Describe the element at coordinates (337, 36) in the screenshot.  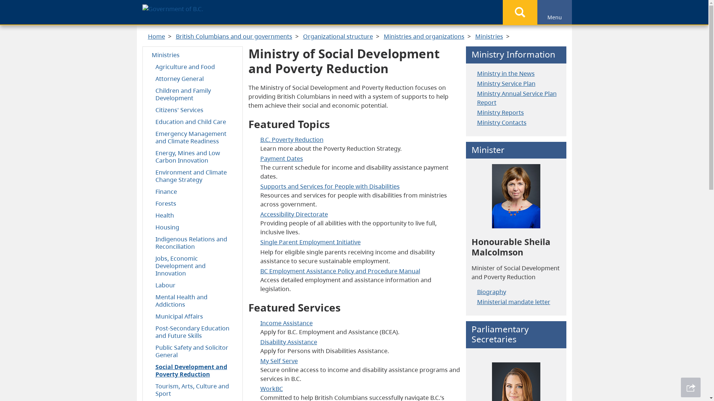
I see `'Organizational structure'` at that location.